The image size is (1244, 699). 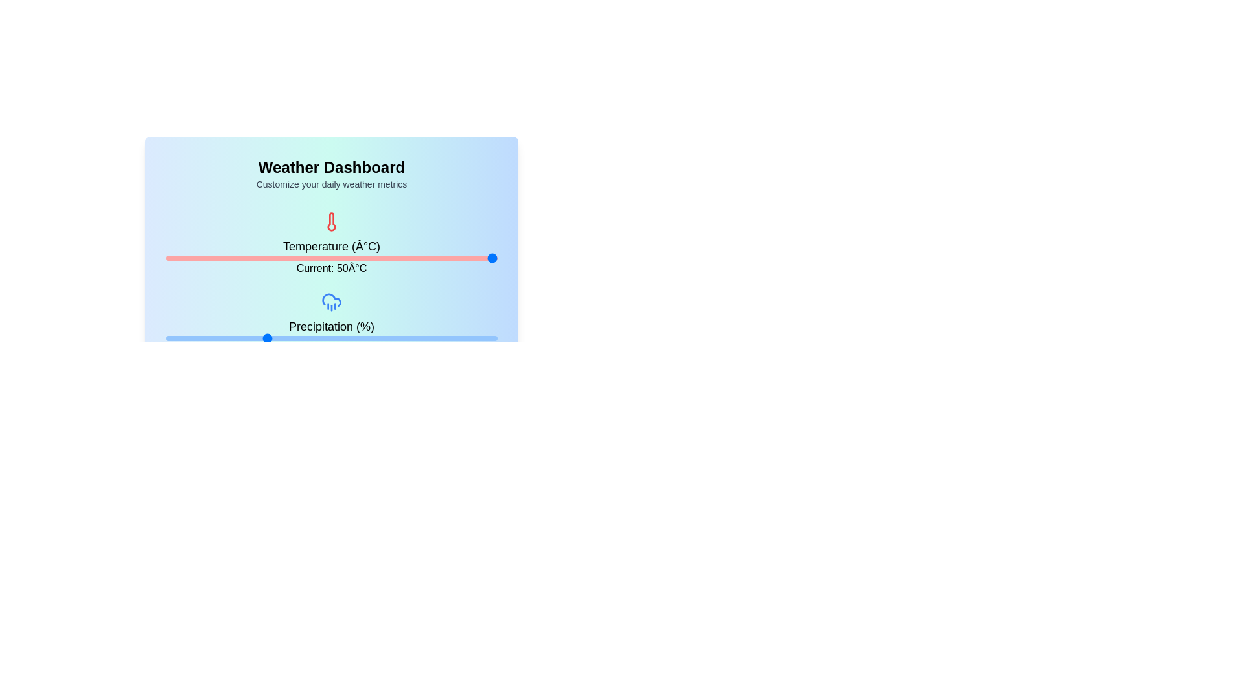 I want to click on the temperature, so click(x=483, y=258).